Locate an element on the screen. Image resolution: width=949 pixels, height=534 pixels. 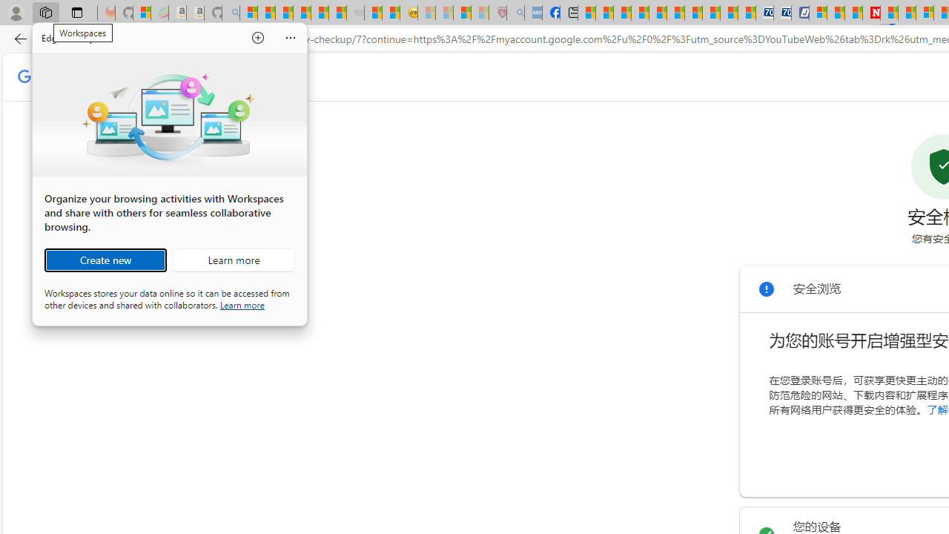
'Create new workspace' is located at coordinates (105, 260).